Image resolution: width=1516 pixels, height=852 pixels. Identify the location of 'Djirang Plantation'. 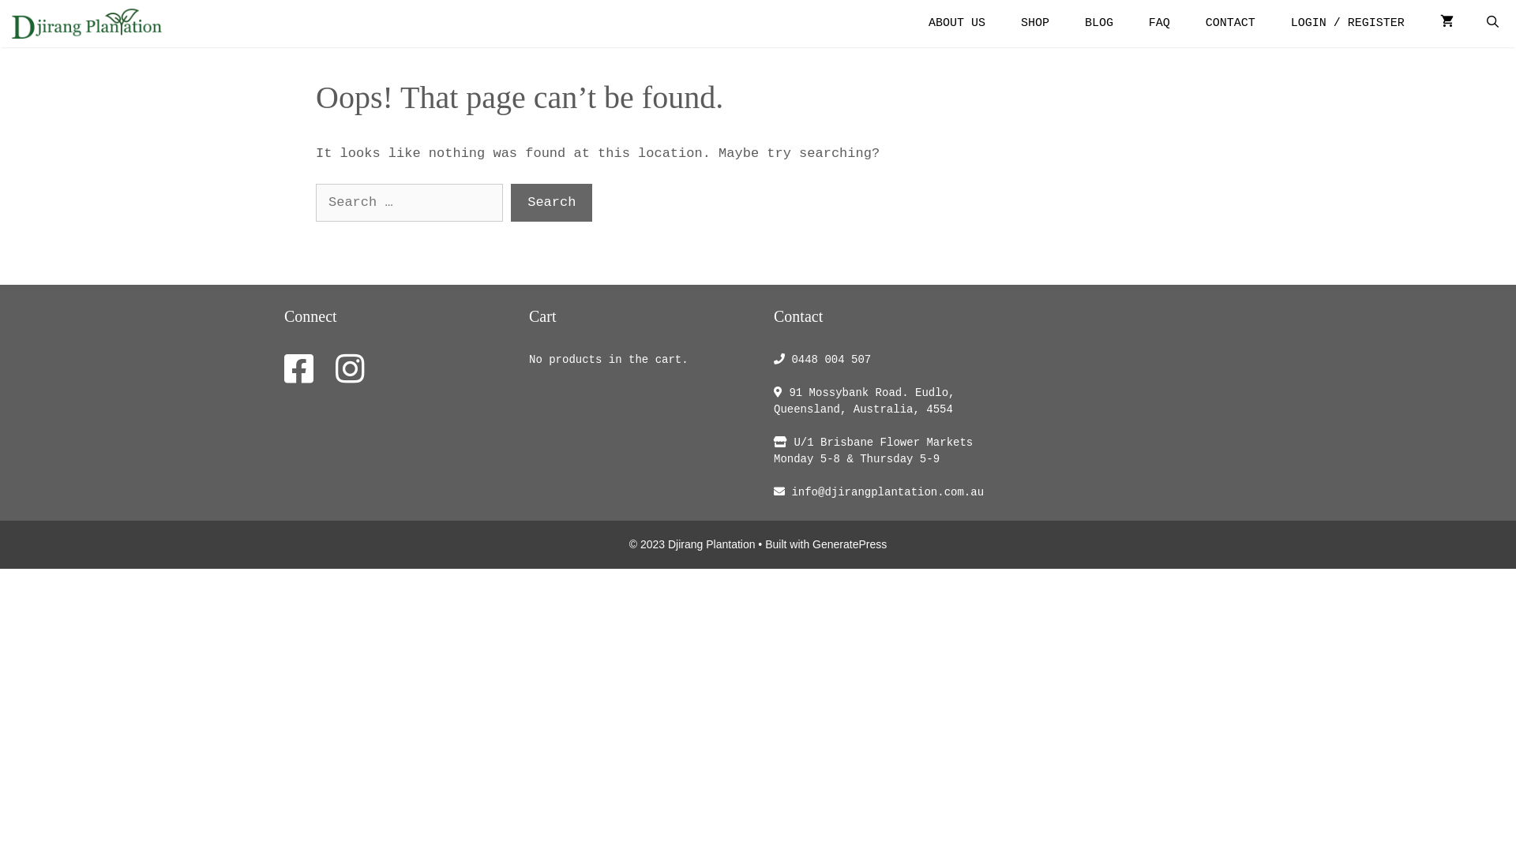
(86, 24).